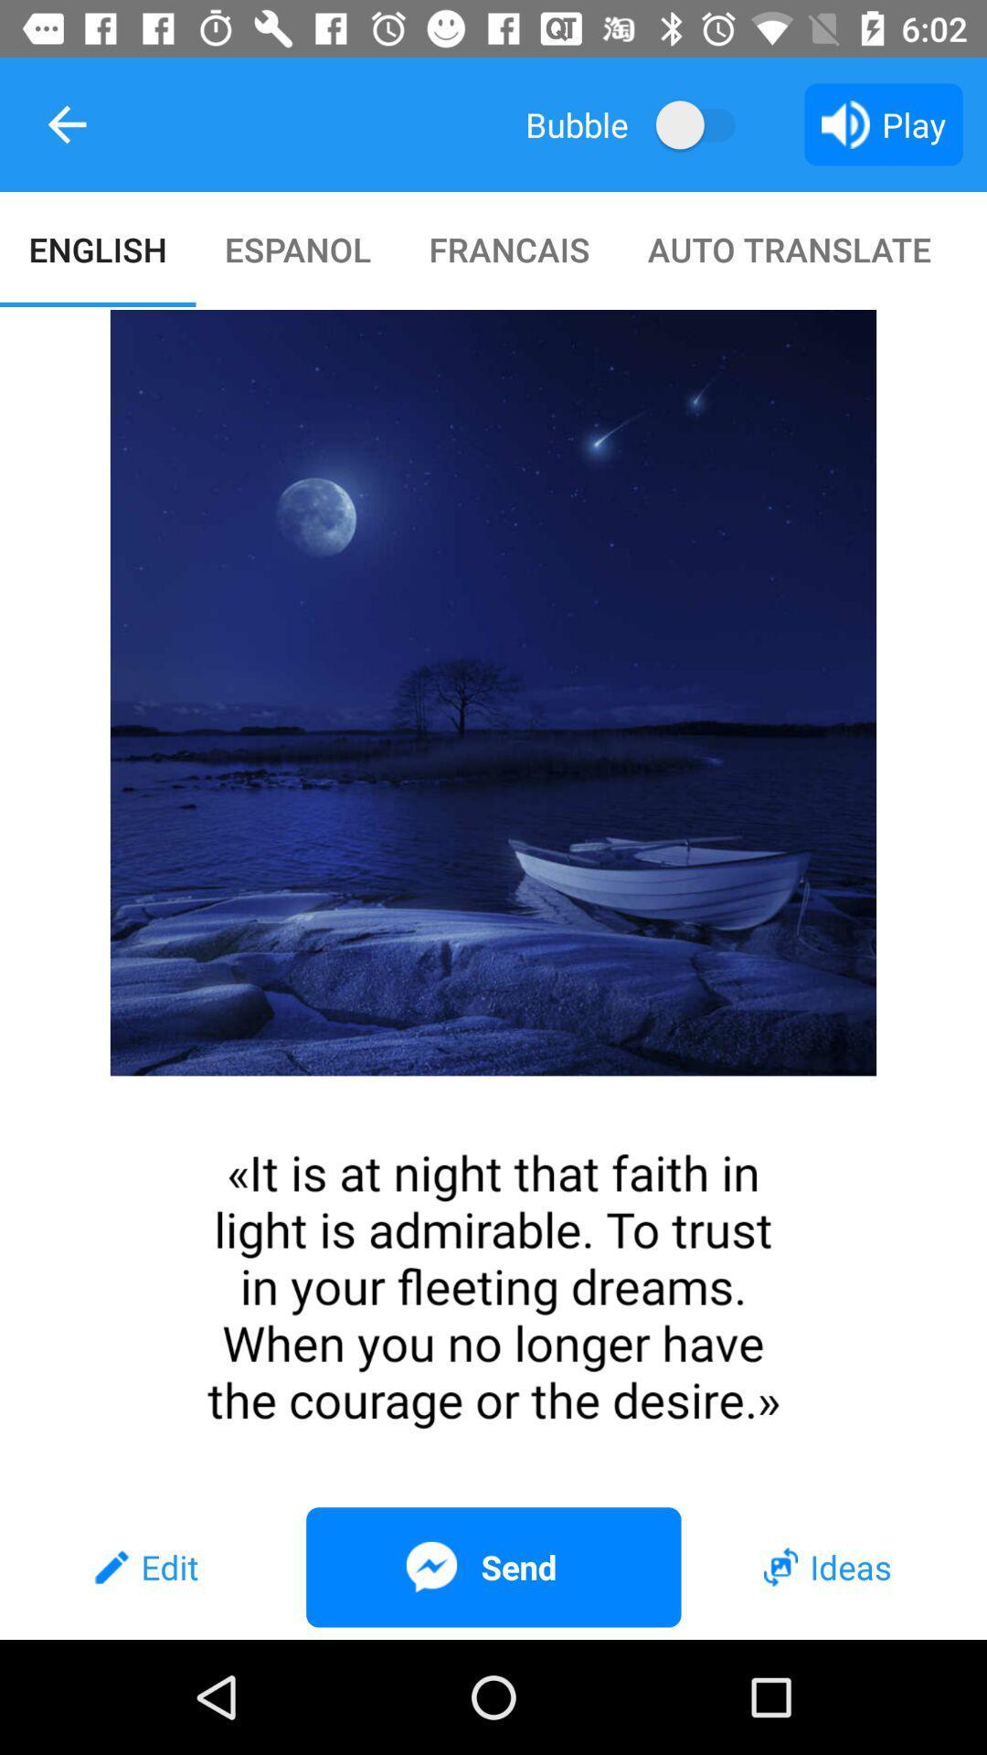  I want to click on the item next to the bubble item, so click(66, 123).